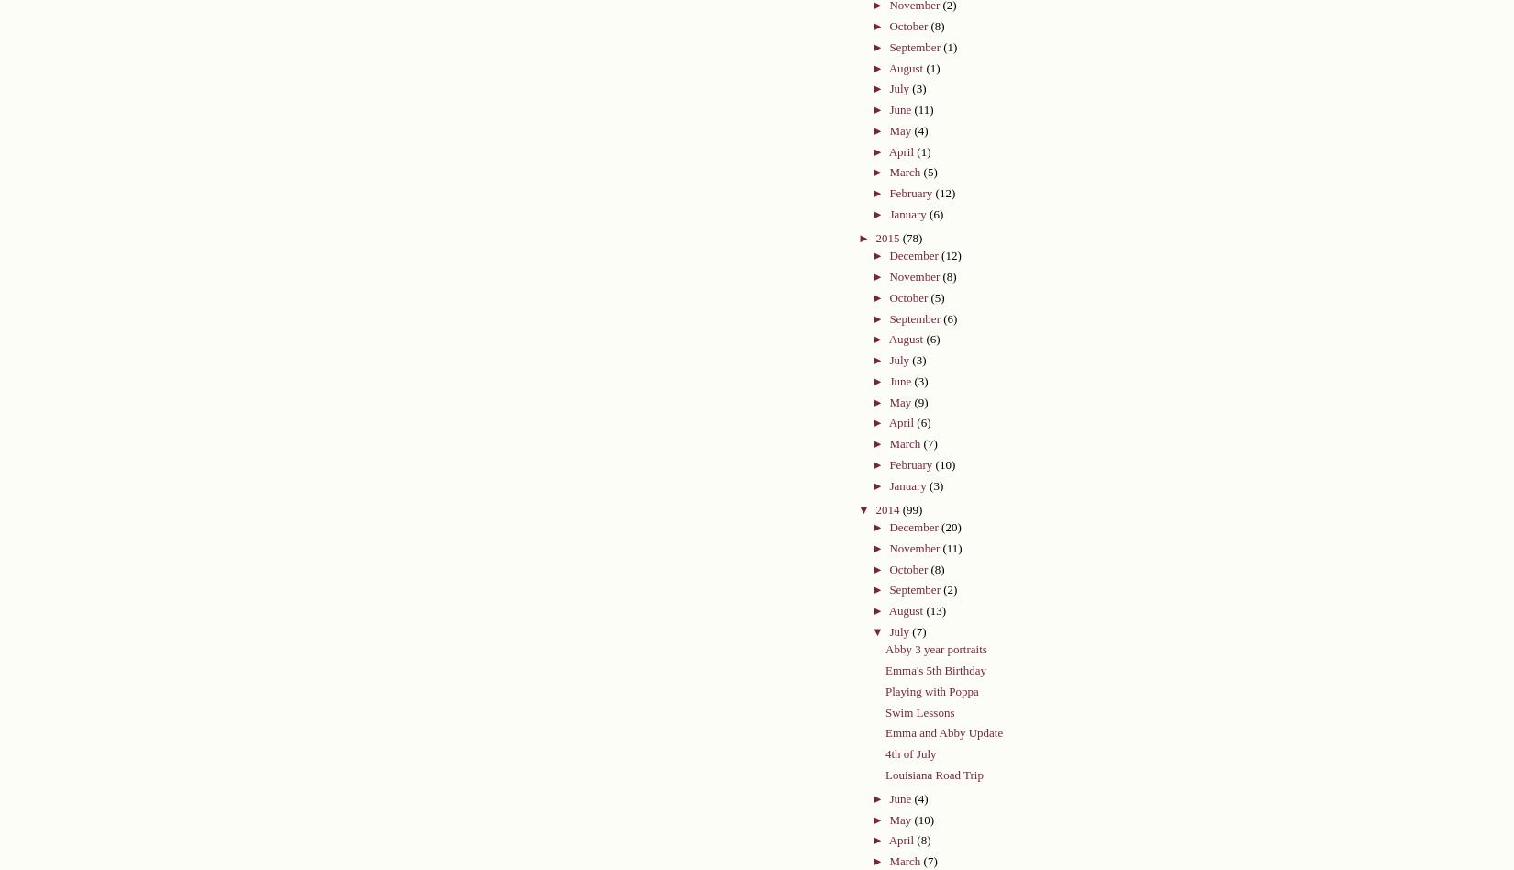 The width and height of the screenshot is (1514, 870). What do you see at coordinates (936, 648) in the screenshot?
I see `'Abby 3 year portraits'` at bounding box center [936, 648].